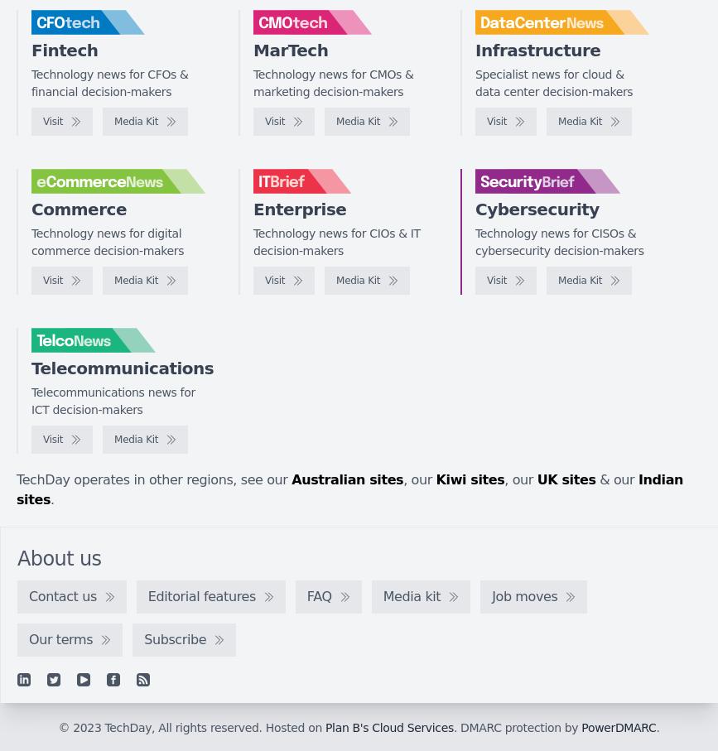 This screenshot has height=751, width=718. Describe the element at coordinates (60, 638) in the screenshot. I see `'Our terms'` at that location.